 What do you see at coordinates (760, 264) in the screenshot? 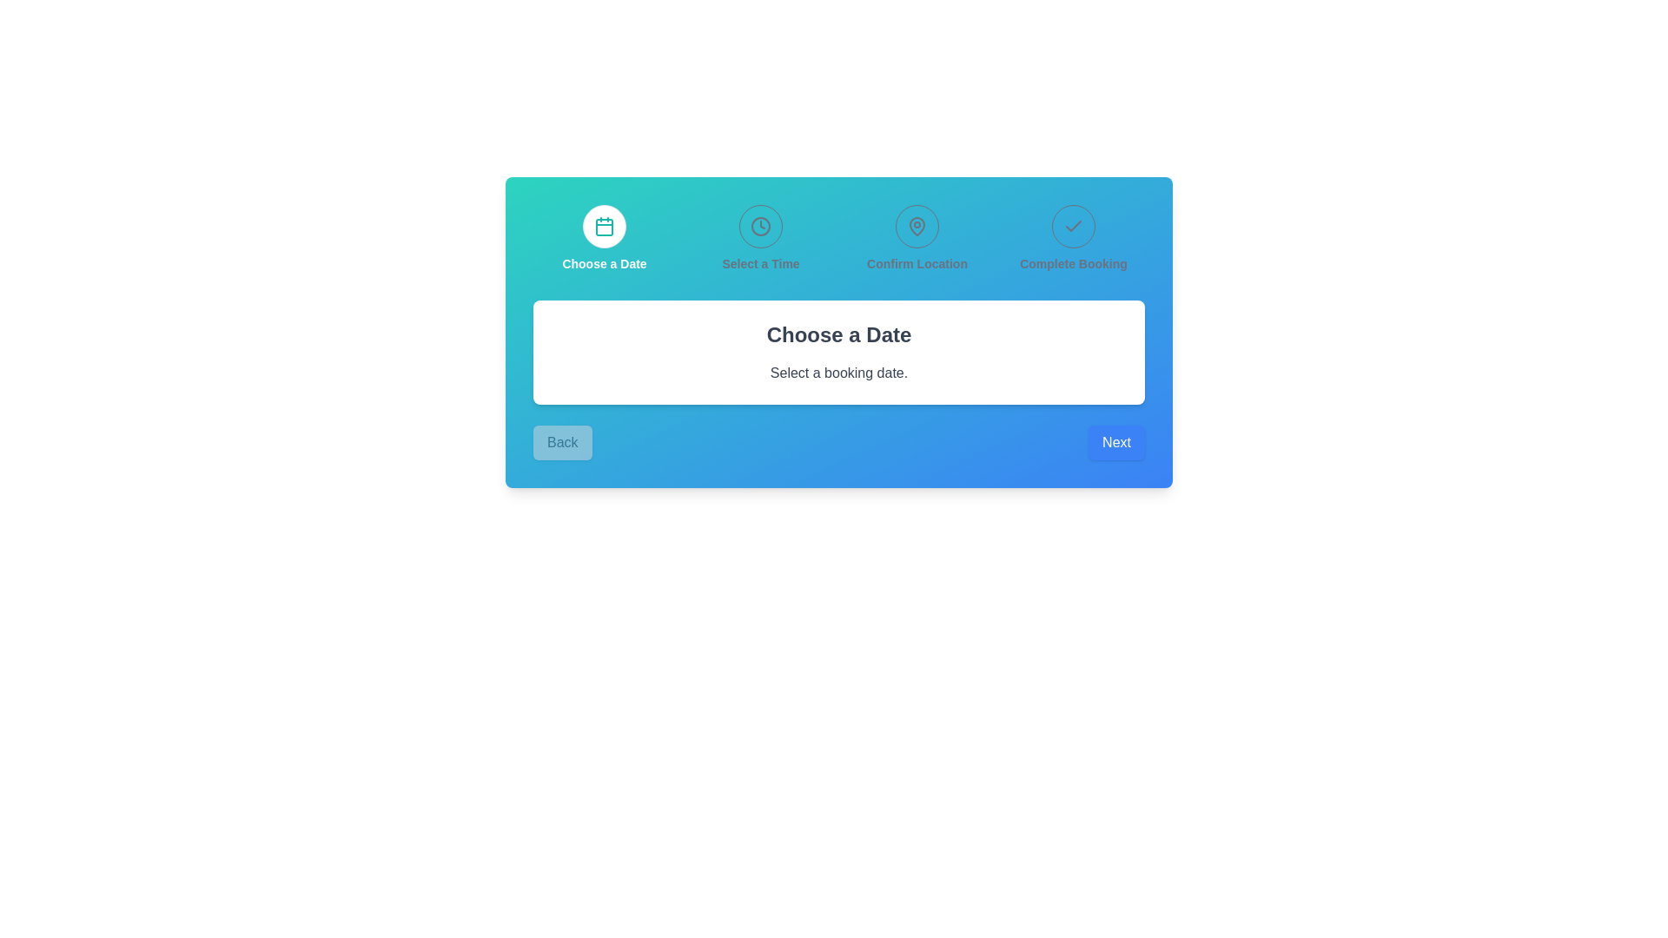
I see `the 'Select a Time' text label, which is styled in a bold gray font and positioned below the clock icon in the multi-step process interface` at bounding box center [760, 264].